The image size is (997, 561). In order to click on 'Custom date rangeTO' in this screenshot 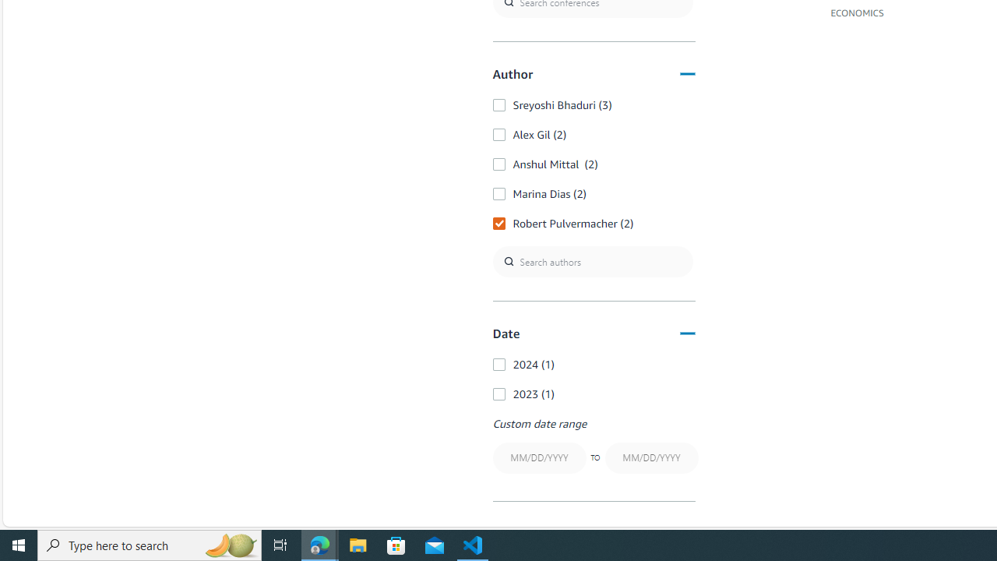, I will do `click(593, 447)`.